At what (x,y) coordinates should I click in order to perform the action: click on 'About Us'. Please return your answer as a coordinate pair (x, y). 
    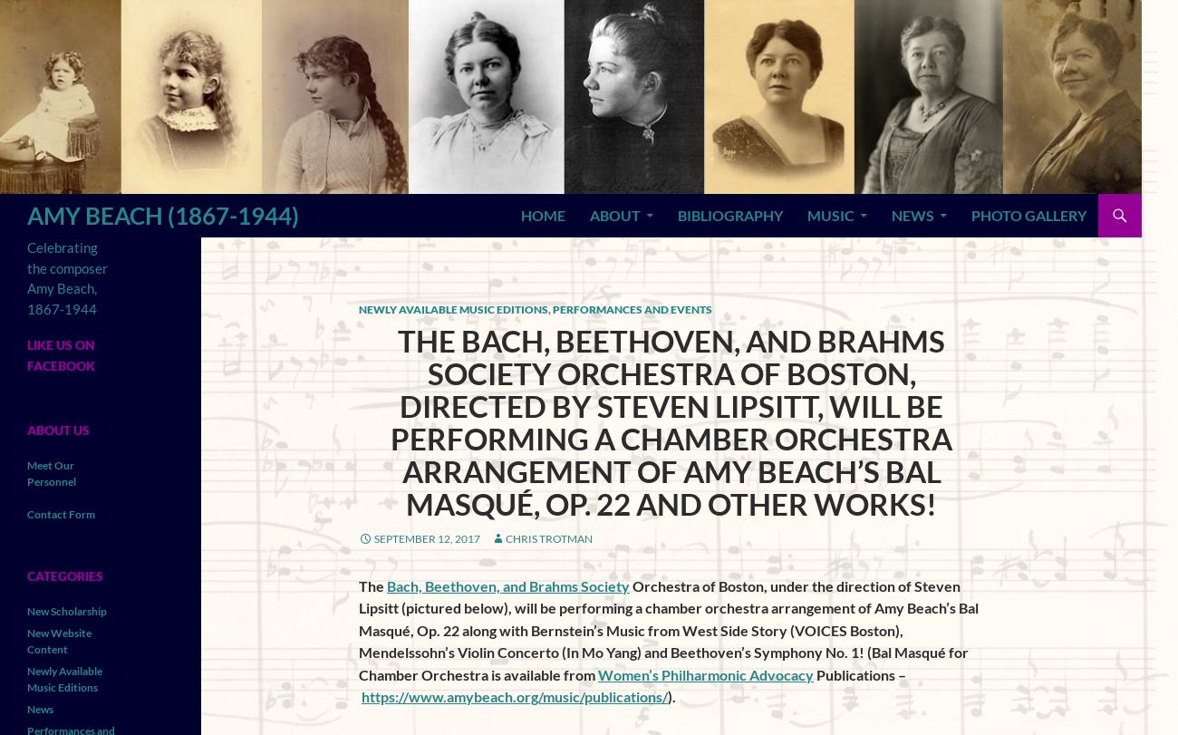
    Looking at the image, I should click on (58, 428).